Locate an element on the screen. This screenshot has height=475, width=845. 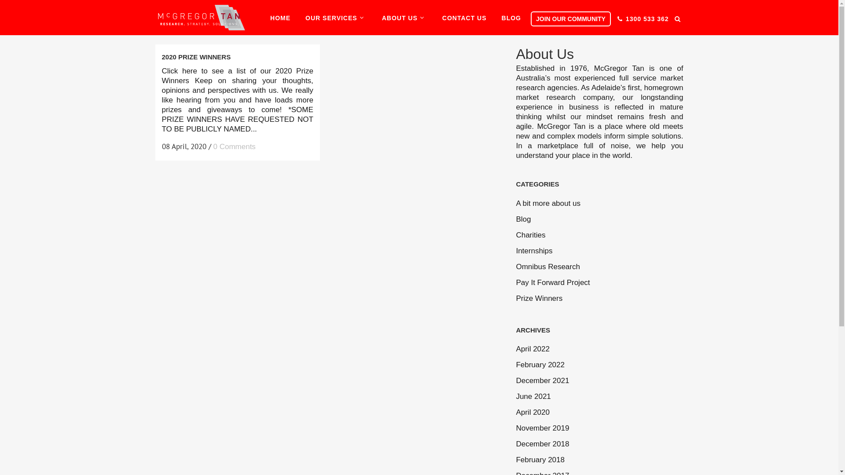
'December 2018' is located at coordinates (515, 444).